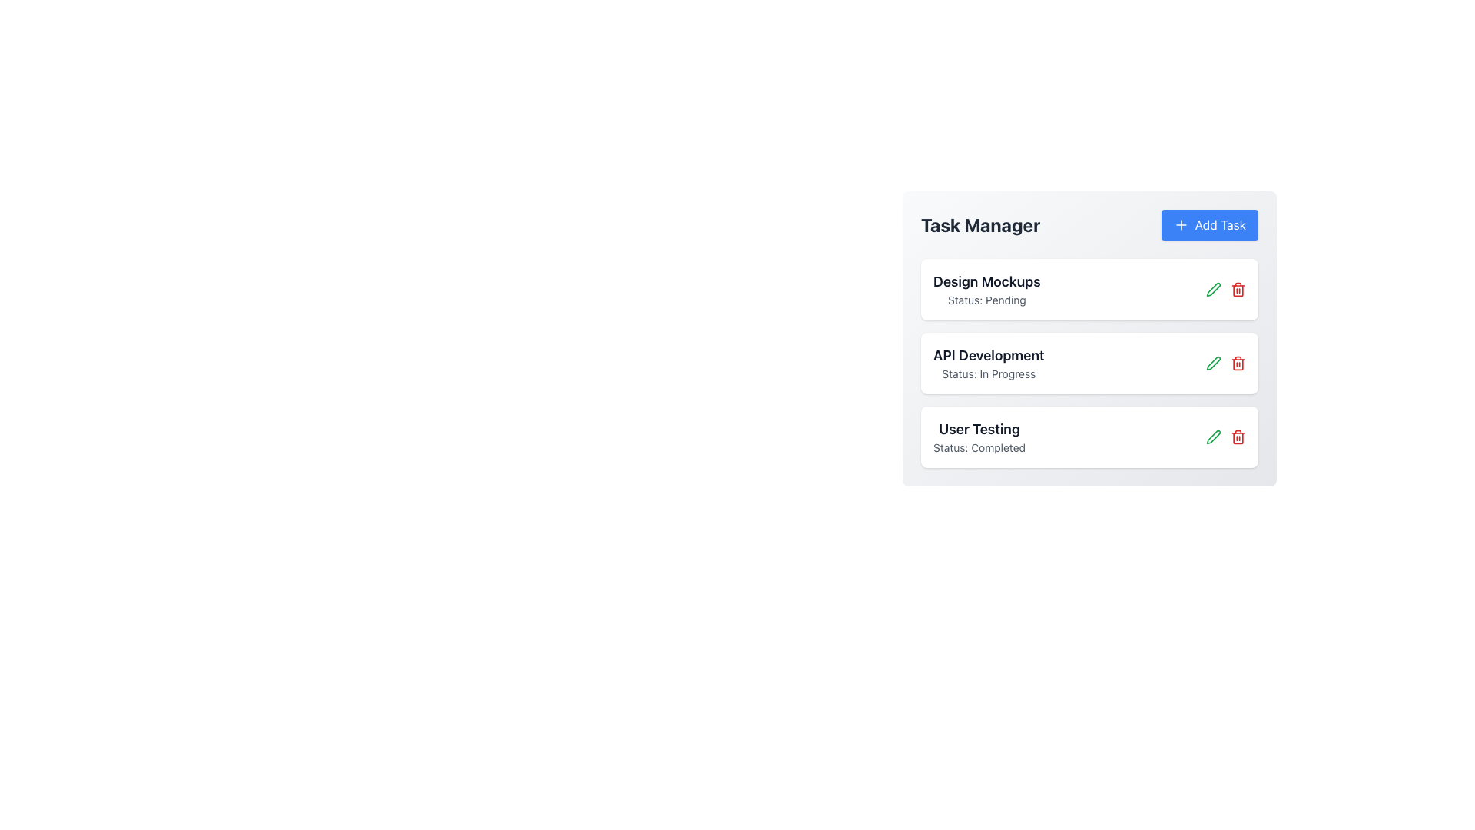 The height and width of the screenshot is (830, 1475). What do you see at coordinates (1089, 290) in the screenshot?
I see `the task card displaying 'Design Mockups' with status 'Pending', located in the Task Manager section above 'API Development' and 'User Testing'` at bounding box center [1089, 290].